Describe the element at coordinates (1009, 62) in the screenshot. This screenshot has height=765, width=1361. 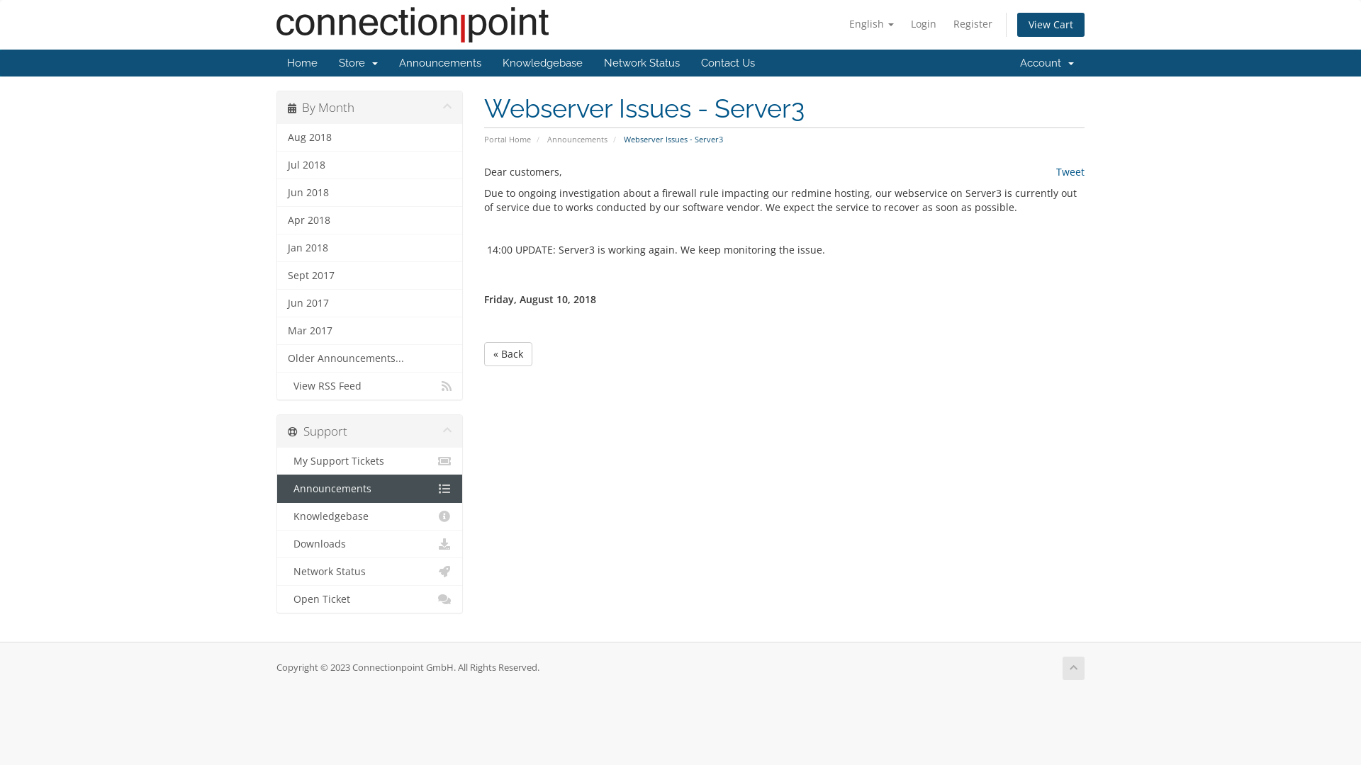
I see `'Account  '` at that location.